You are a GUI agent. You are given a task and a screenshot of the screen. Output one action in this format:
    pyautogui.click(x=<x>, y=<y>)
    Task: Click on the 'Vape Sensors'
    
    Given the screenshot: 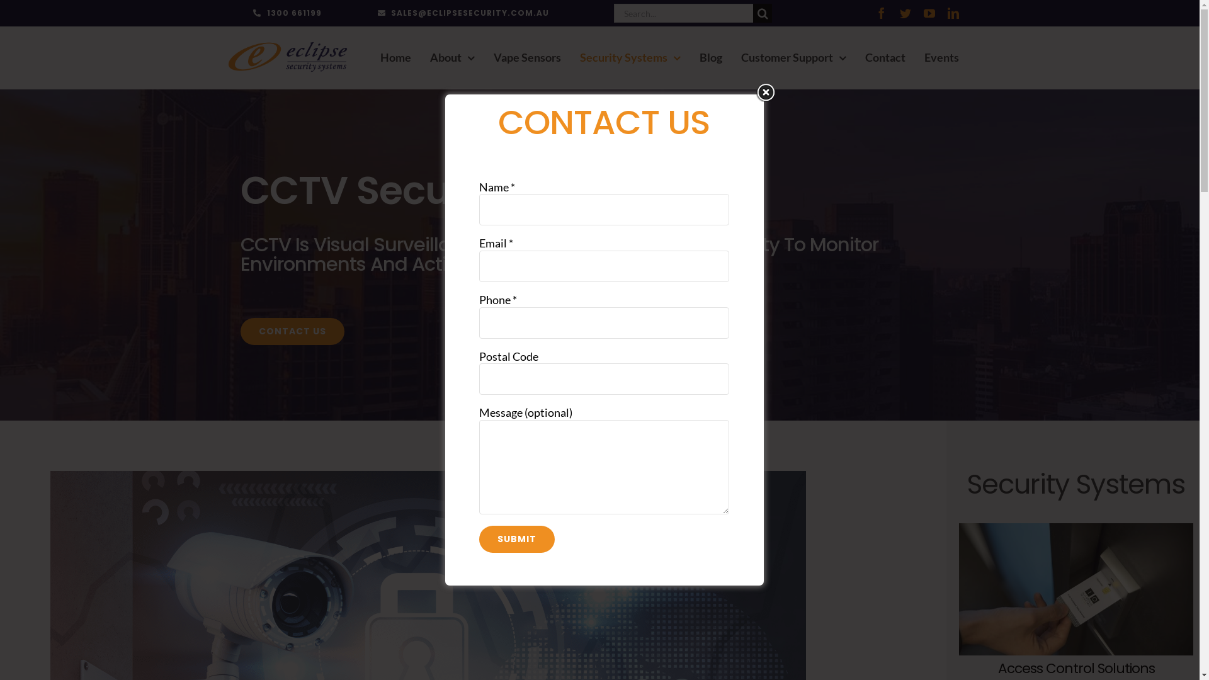 What is the action you would take?
    pyautogui.click(x=527, y=58)
    